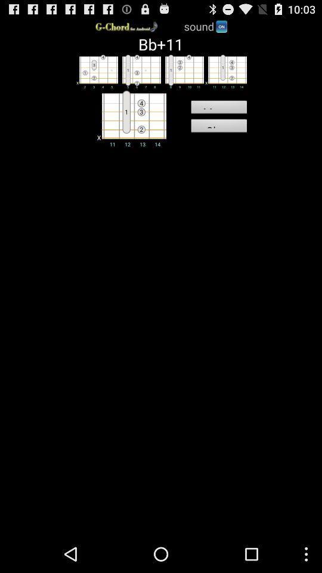  What do you see at coordinates (96, 71) in the screenshot?
I see `to view chord` at bounding box center [96, 71].